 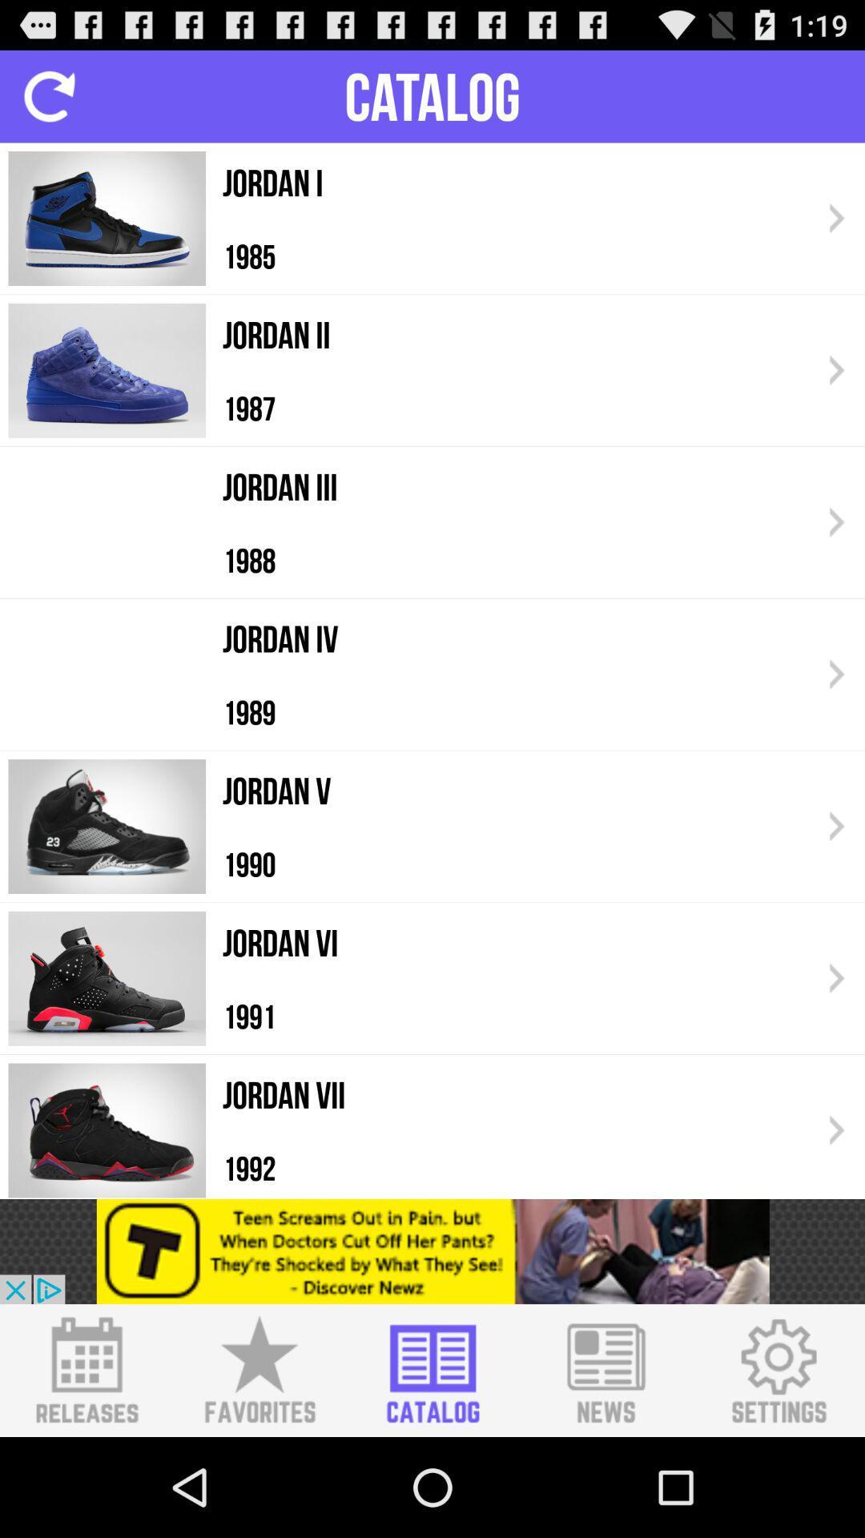 What do you see at coordinates (432, 1250) in the screenshot?
I see `shows the advertisement tab` at bounding box center [432, 1250].